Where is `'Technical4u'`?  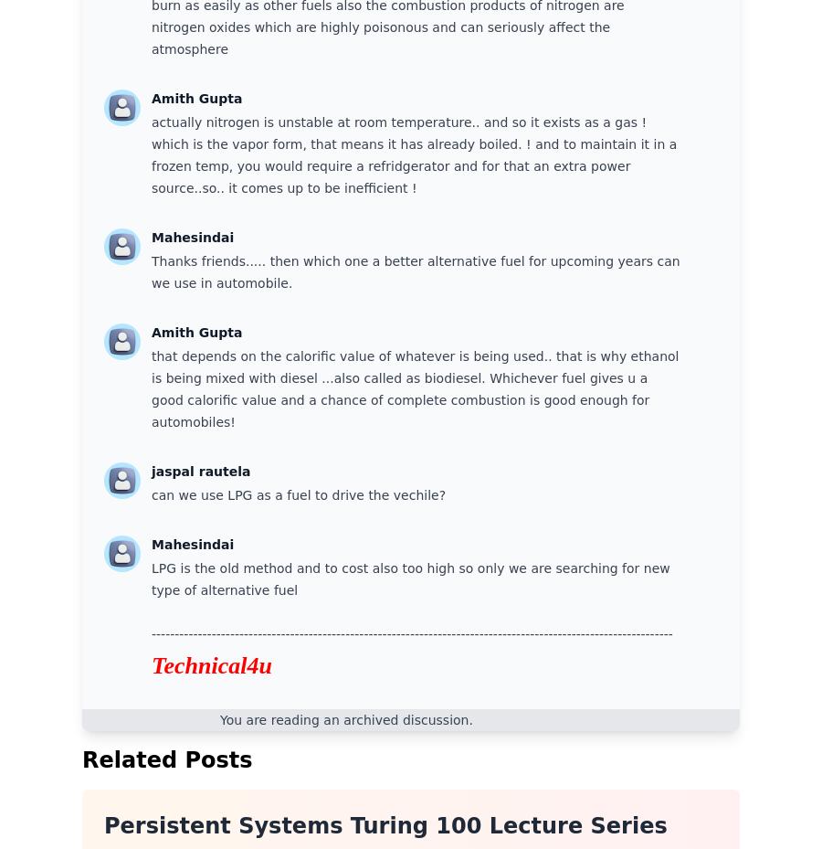 'Technical4u' is located at coordinates (210, 665).